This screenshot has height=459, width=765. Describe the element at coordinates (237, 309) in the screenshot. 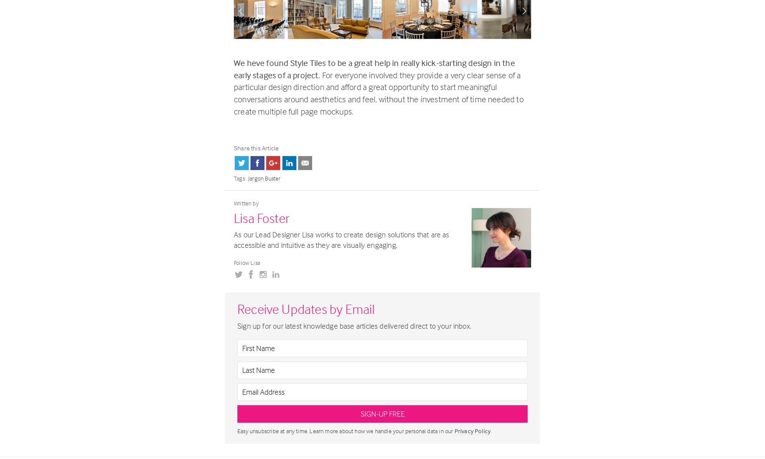

I see `'Receive Updates by Email'` at that location.